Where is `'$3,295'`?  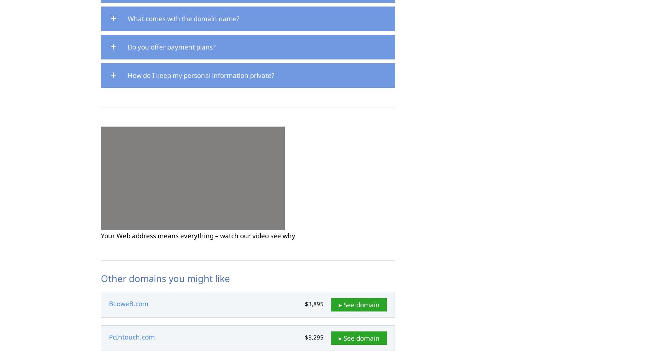 '$3,295' is located at coordinates (314, 337).